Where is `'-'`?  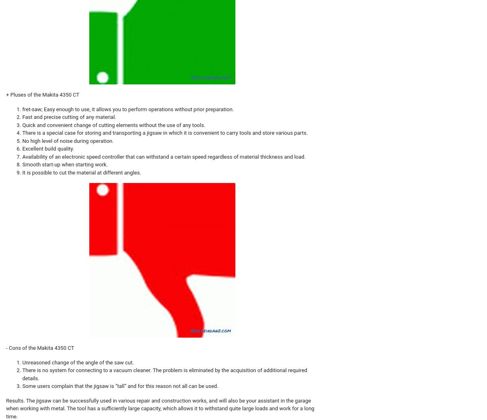 '-' is located at coordinates (7, 347).